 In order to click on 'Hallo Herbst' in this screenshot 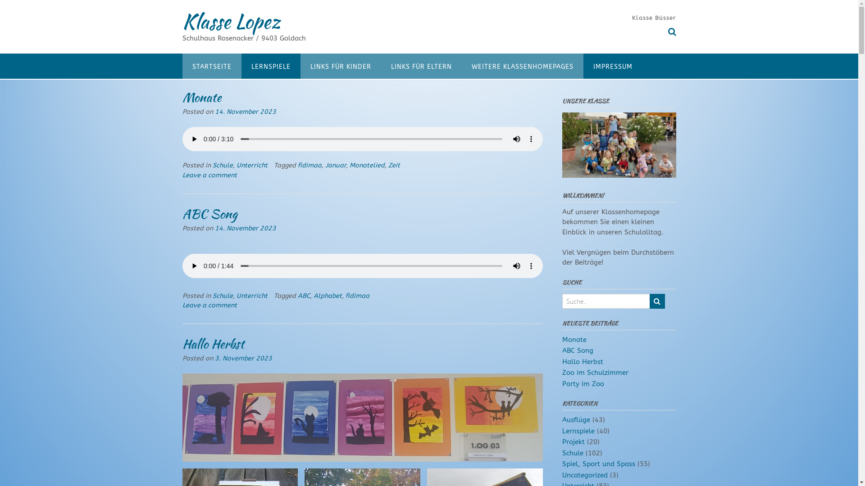, I will do `click(212, 343)`.